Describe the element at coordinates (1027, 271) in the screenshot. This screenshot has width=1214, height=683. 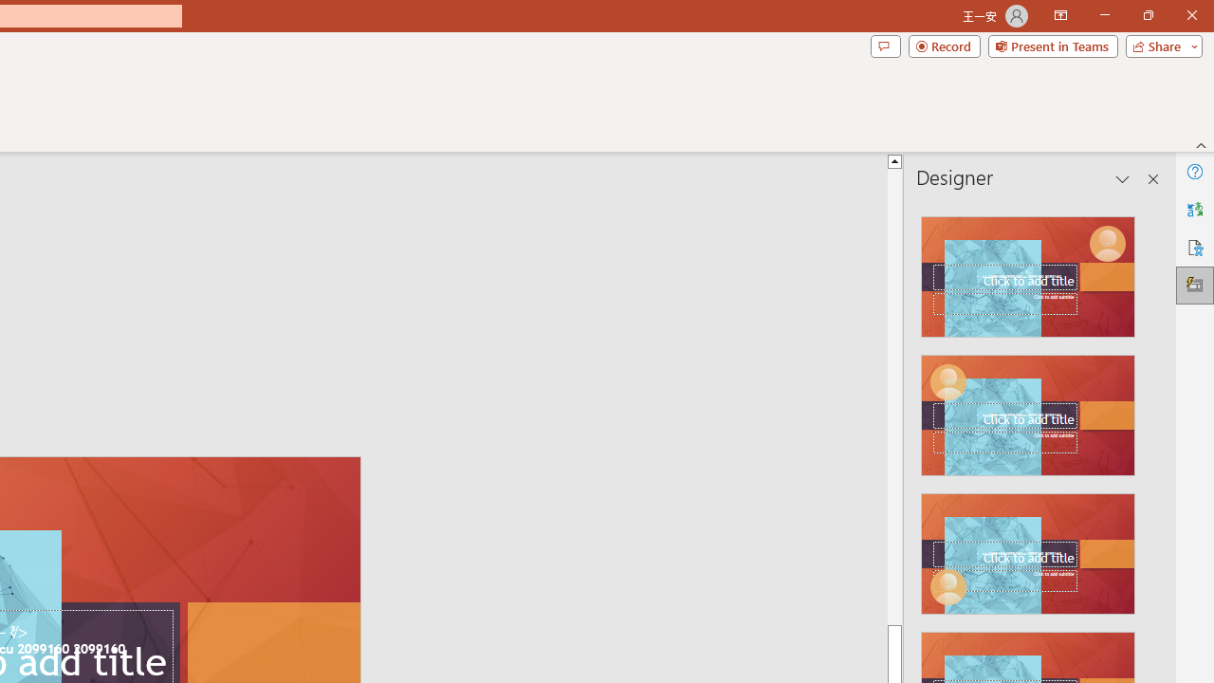
I see `'Recommended Design: Design Idea'` at that location.